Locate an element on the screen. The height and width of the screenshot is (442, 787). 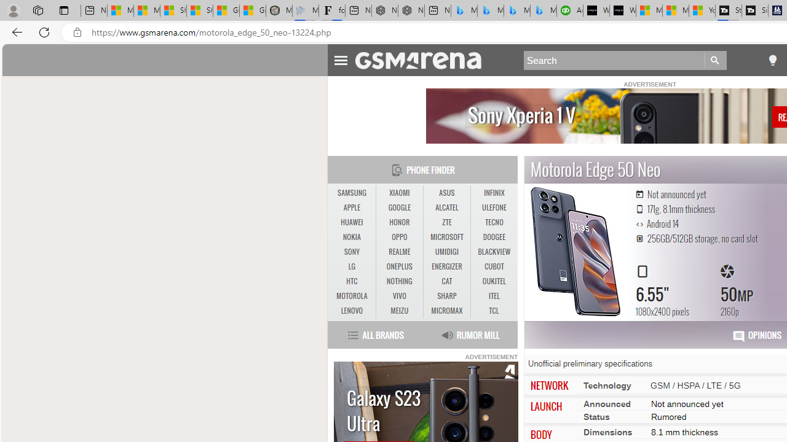
'XIAOMI' is located at coordinates (400, 193).